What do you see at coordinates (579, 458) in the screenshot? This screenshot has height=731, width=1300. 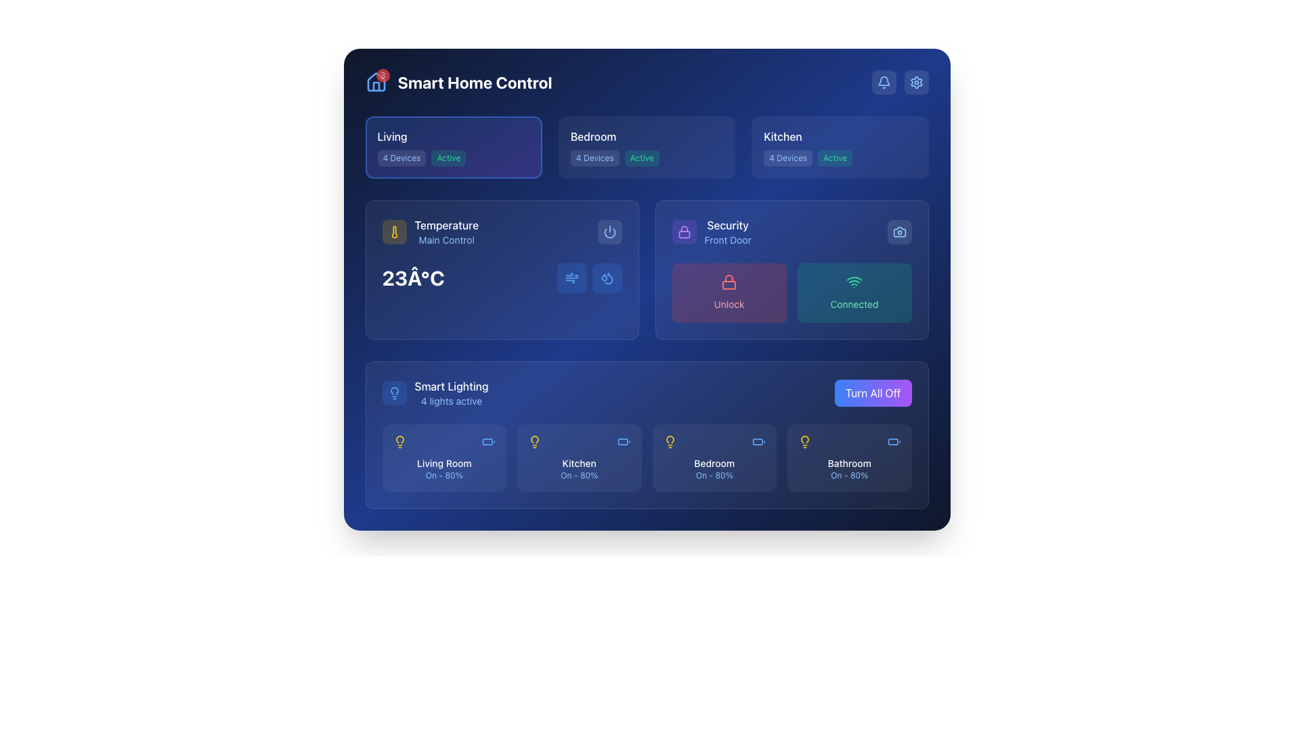 I see `the interactive card component displaying information about 'Kitchen', which features a light bulb icon on the left and a battery icon on the right, located in the lower section of the interface within the 'Smart Lighting' area, specifically the second card from the left` at bounding box center [579, 458].